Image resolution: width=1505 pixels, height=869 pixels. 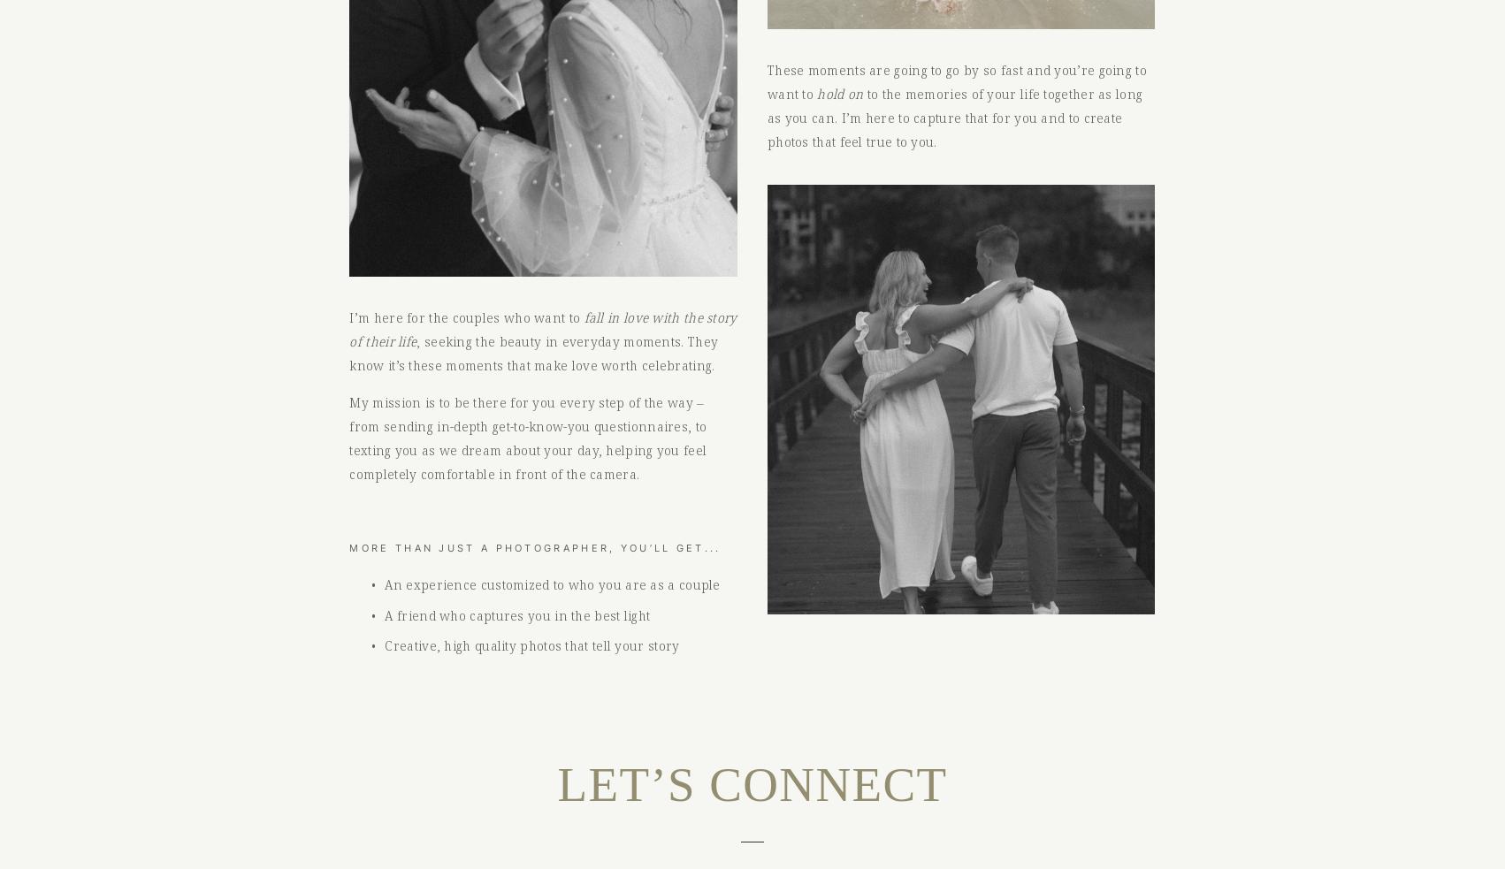 I want to click on 'I’m here for the couples who want to', so click(x=465, y=316).